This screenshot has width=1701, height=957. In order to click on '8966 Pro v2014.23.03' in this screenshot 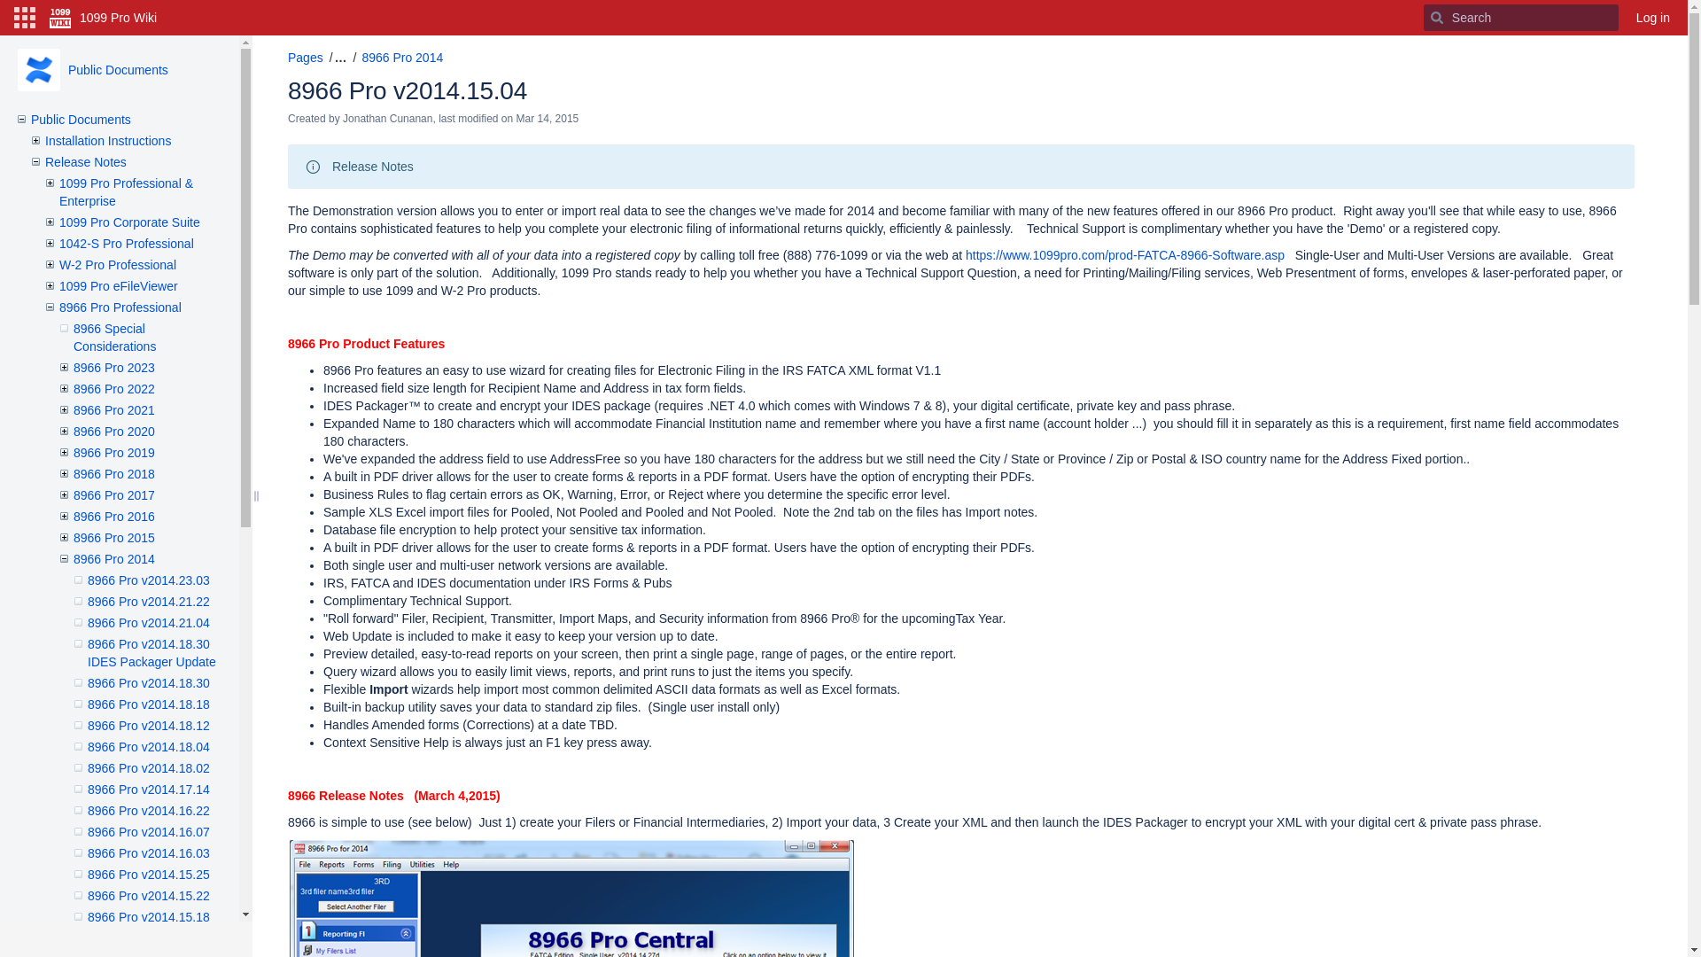, I will do `click(149, 580)`.